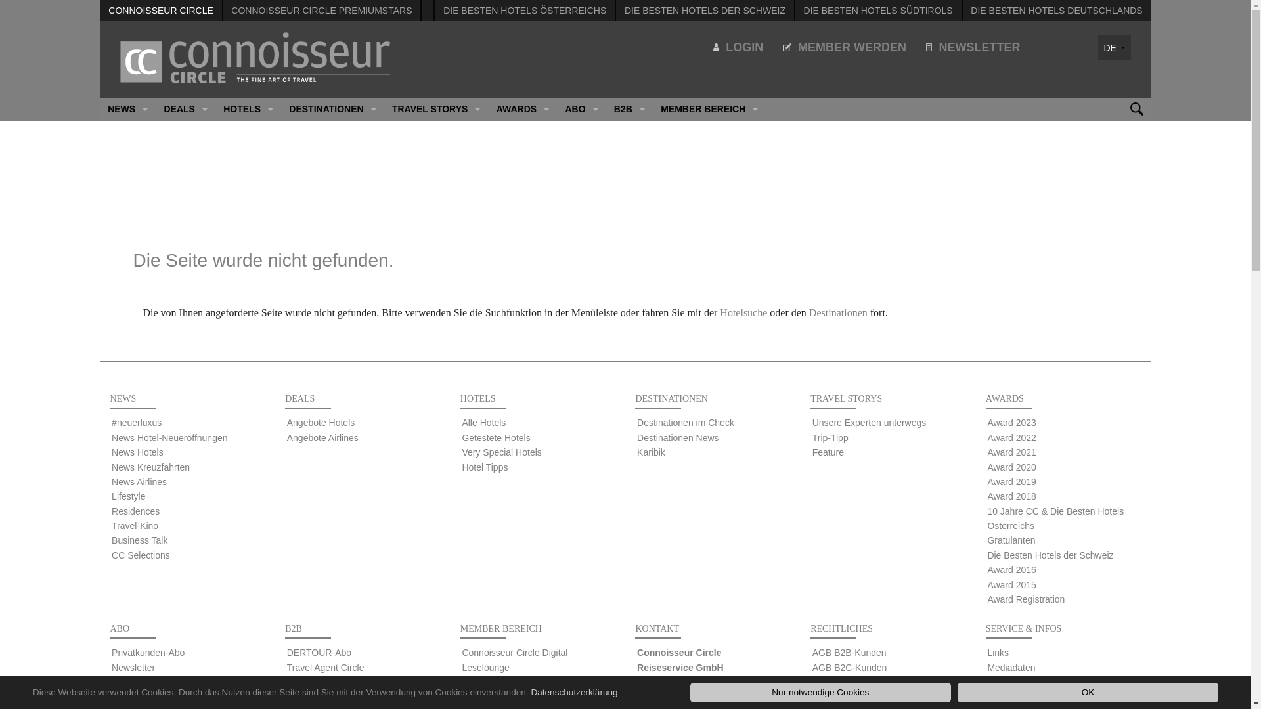 This screenshot has width=1261, height=709. What do you see at coordinates (743, 312) in the screenshot?
I see `'Hotelsuche'` at bounding box center [743, 312].